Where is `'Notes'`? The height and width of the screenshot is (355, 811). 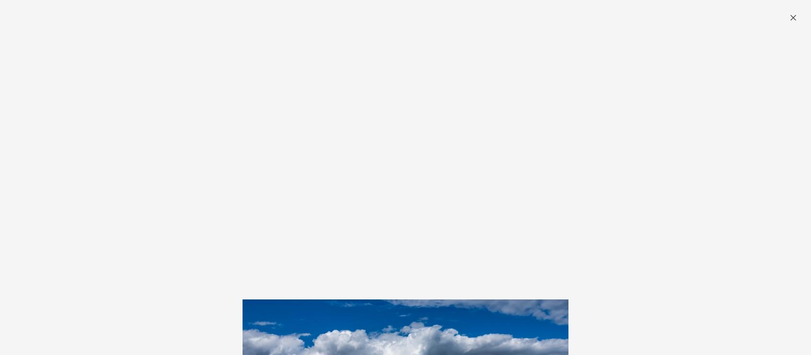 'Notes' is located at coordinates (388, 46).